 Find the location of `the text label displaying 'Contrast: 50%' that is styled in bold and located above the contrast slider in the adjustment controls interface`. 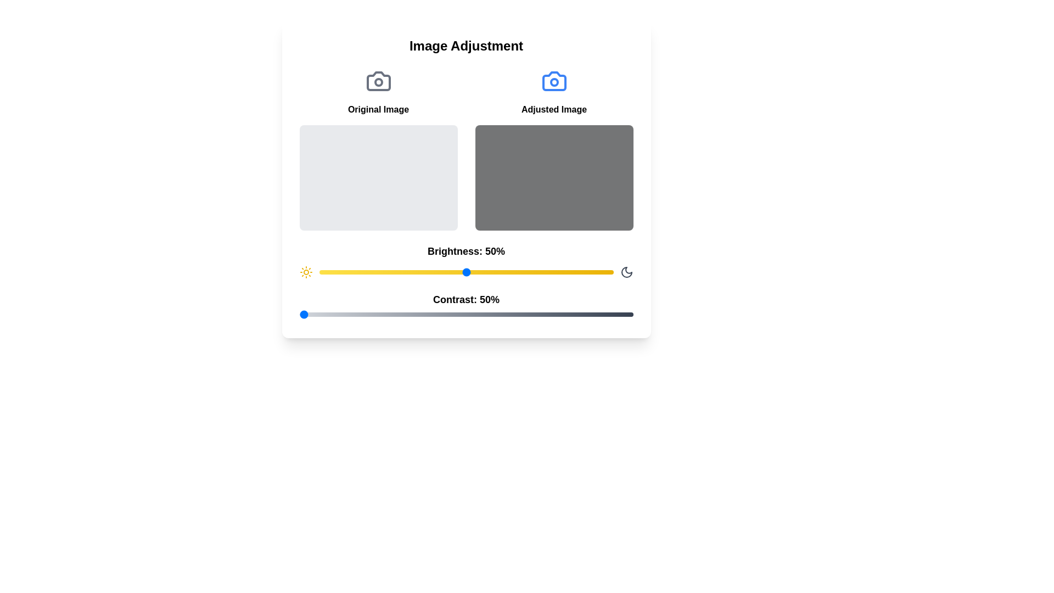

the text label displaying 'Contrast: 50%' that is styled in bold and located above the contrast slider in the adjustment controls interface is located at coordinates (466, 300).